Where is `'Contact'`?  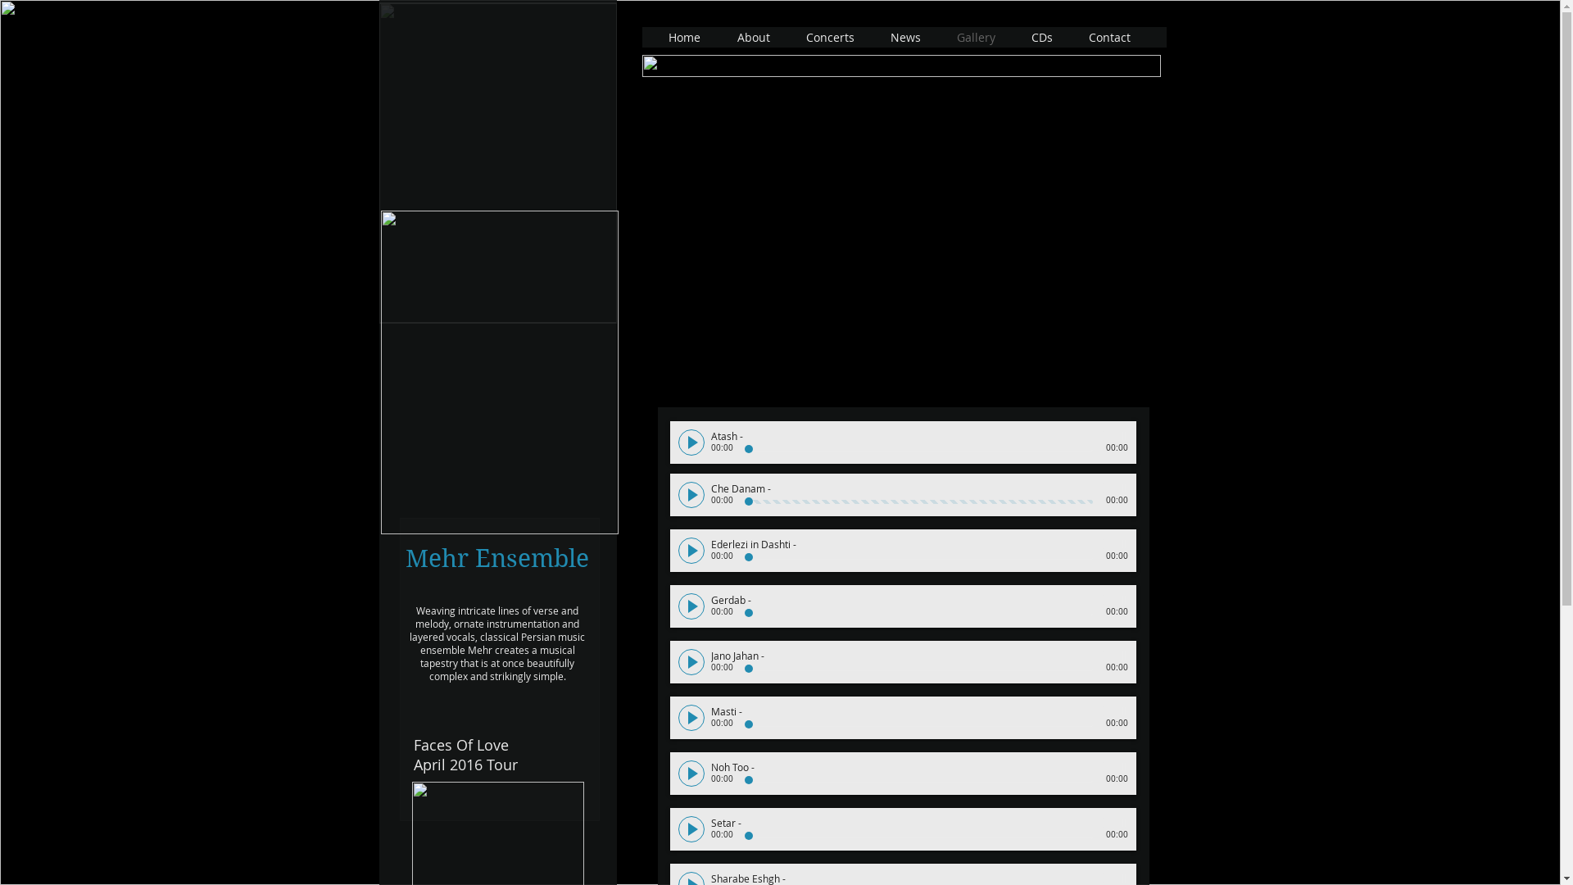 'Contact' is located at coordinates (1110, 37).